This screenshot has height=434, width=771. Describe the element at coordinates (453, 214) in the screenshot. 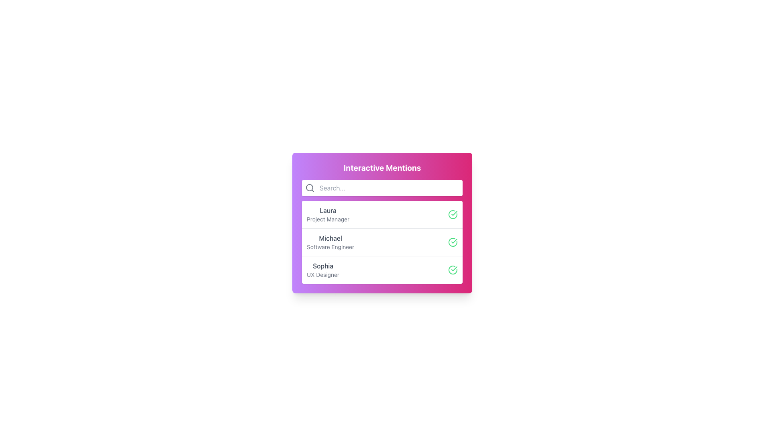

I see `the green circular checkmark icon with a white check symbol` at that location.